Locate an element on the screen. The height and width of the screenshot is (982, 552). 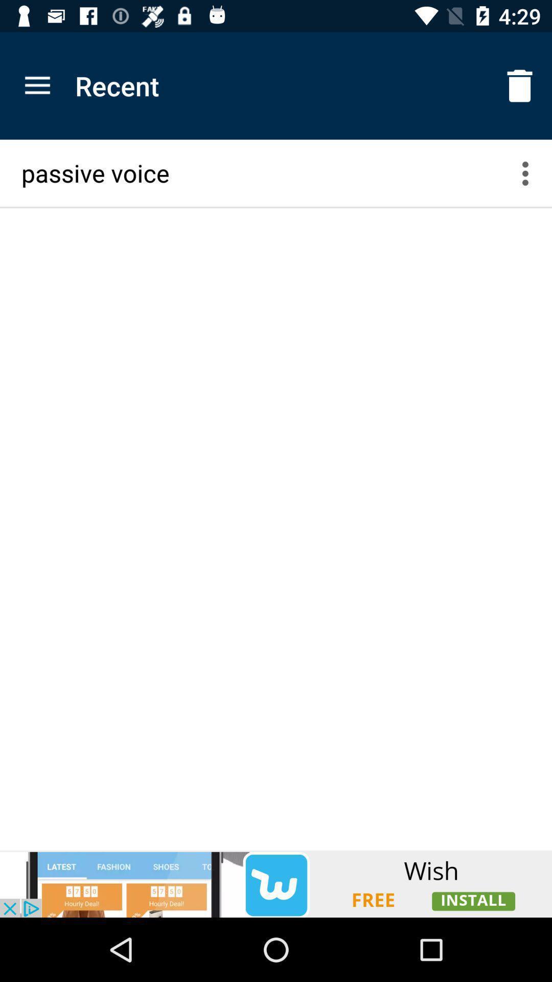
open the settings for item is located at coordinates (531, 173).